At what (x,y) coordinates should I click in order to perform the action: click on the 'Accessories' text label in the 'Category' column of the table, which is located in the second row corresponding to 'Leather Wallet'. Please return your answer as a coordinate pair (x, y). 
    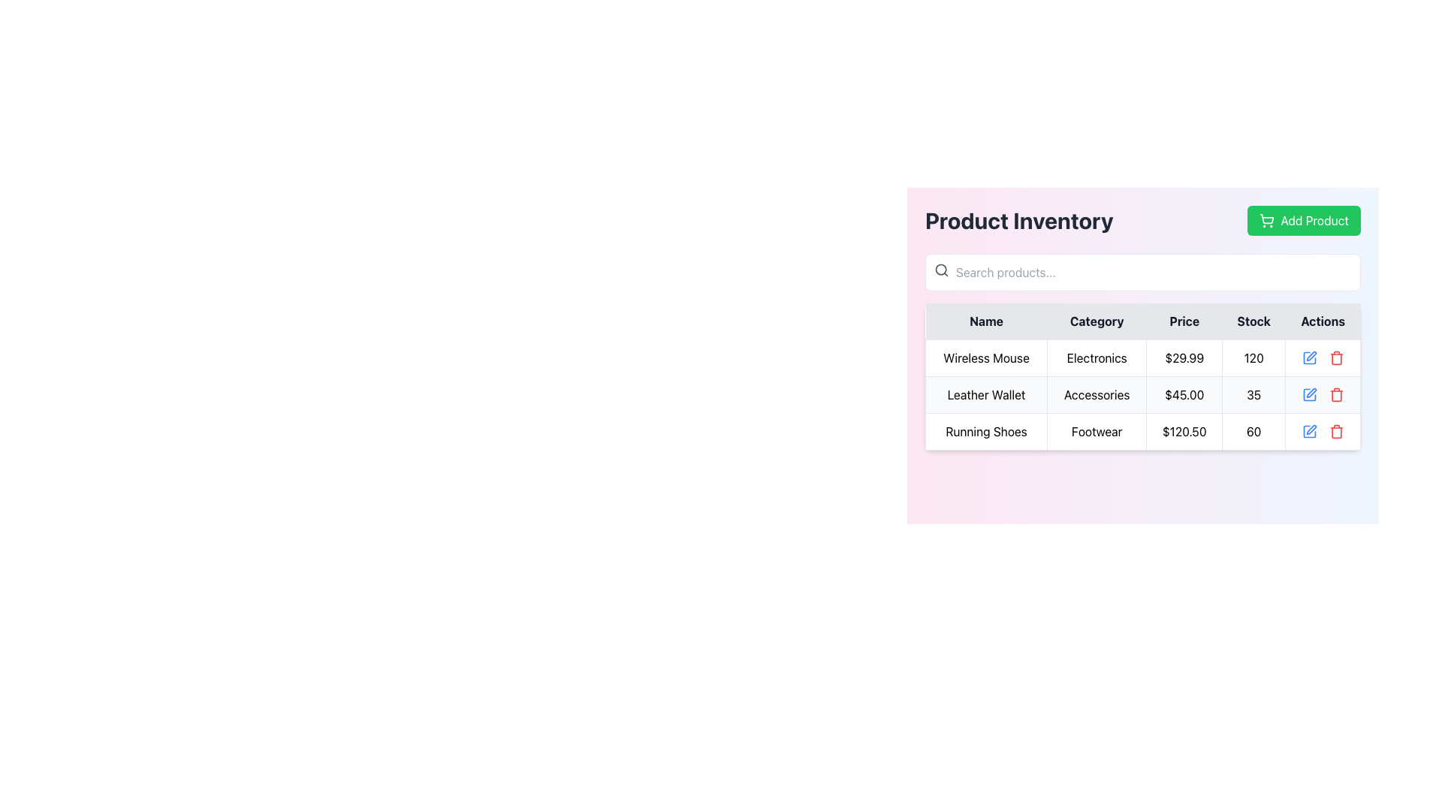
    Looking at the image, I should click on (1097, 393).